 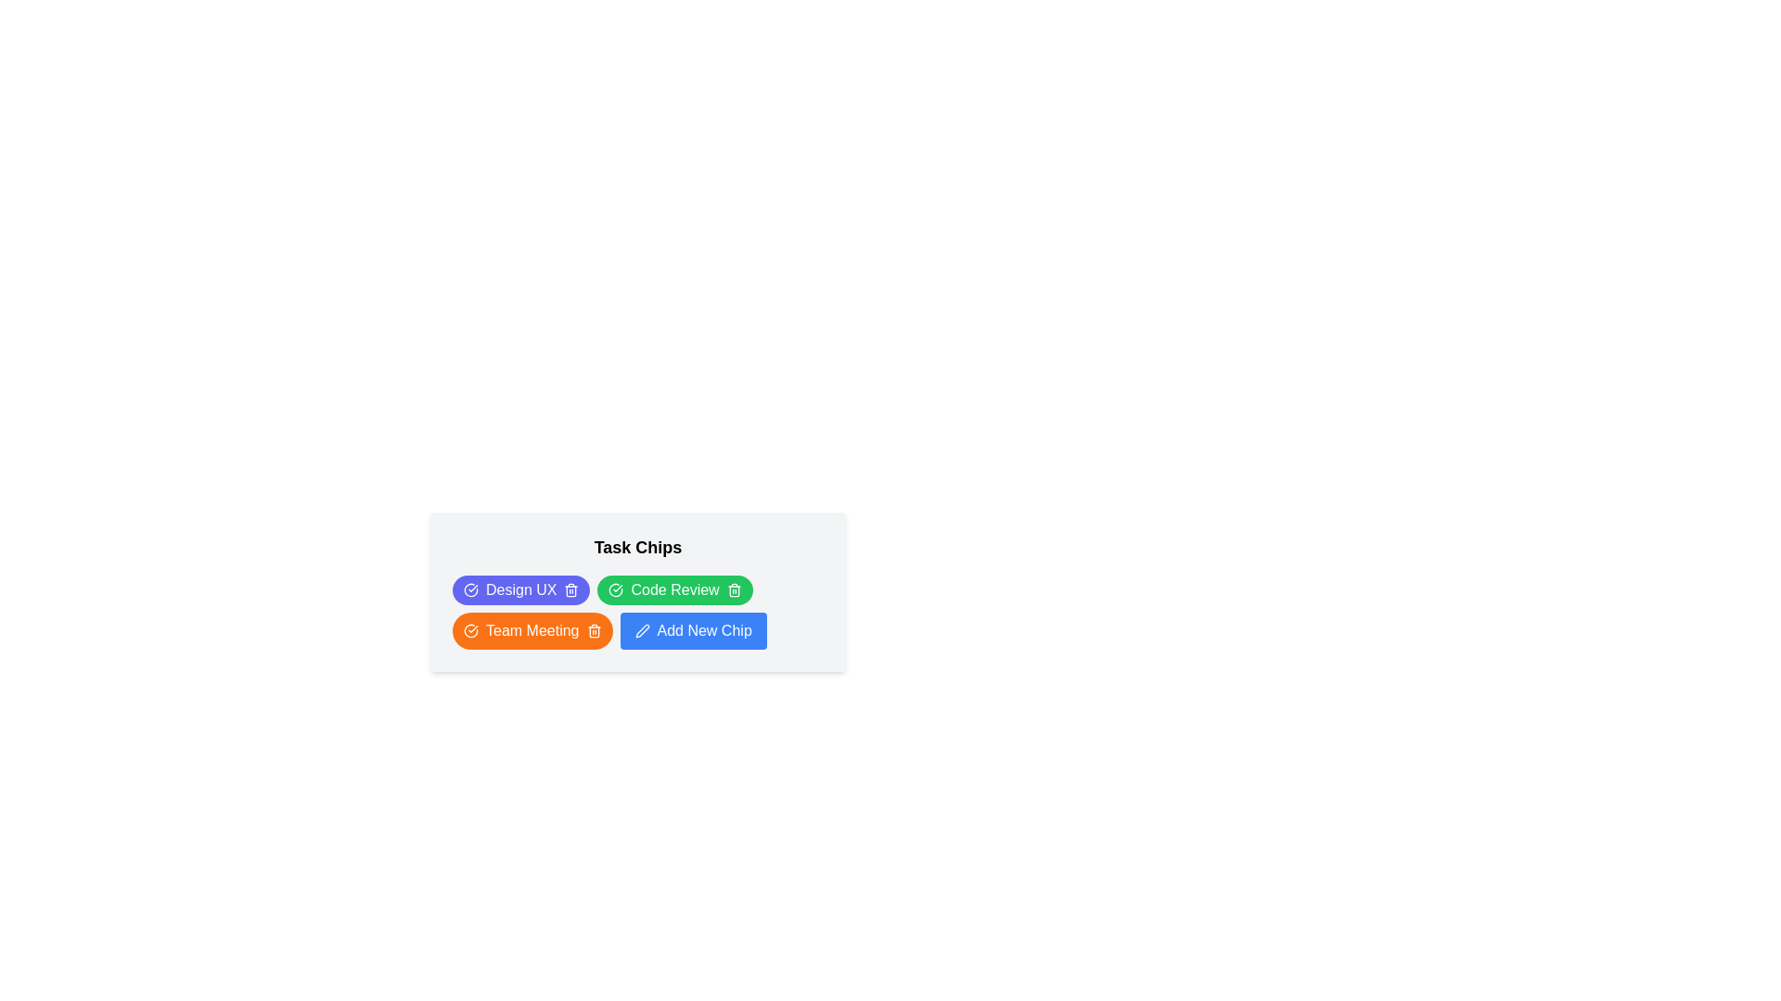 I want to click on the trash can body icon, which is part of the trash icon located to the right of the 'Team Meeting' label in the orange-colored chip, so click(x=594, y=631).